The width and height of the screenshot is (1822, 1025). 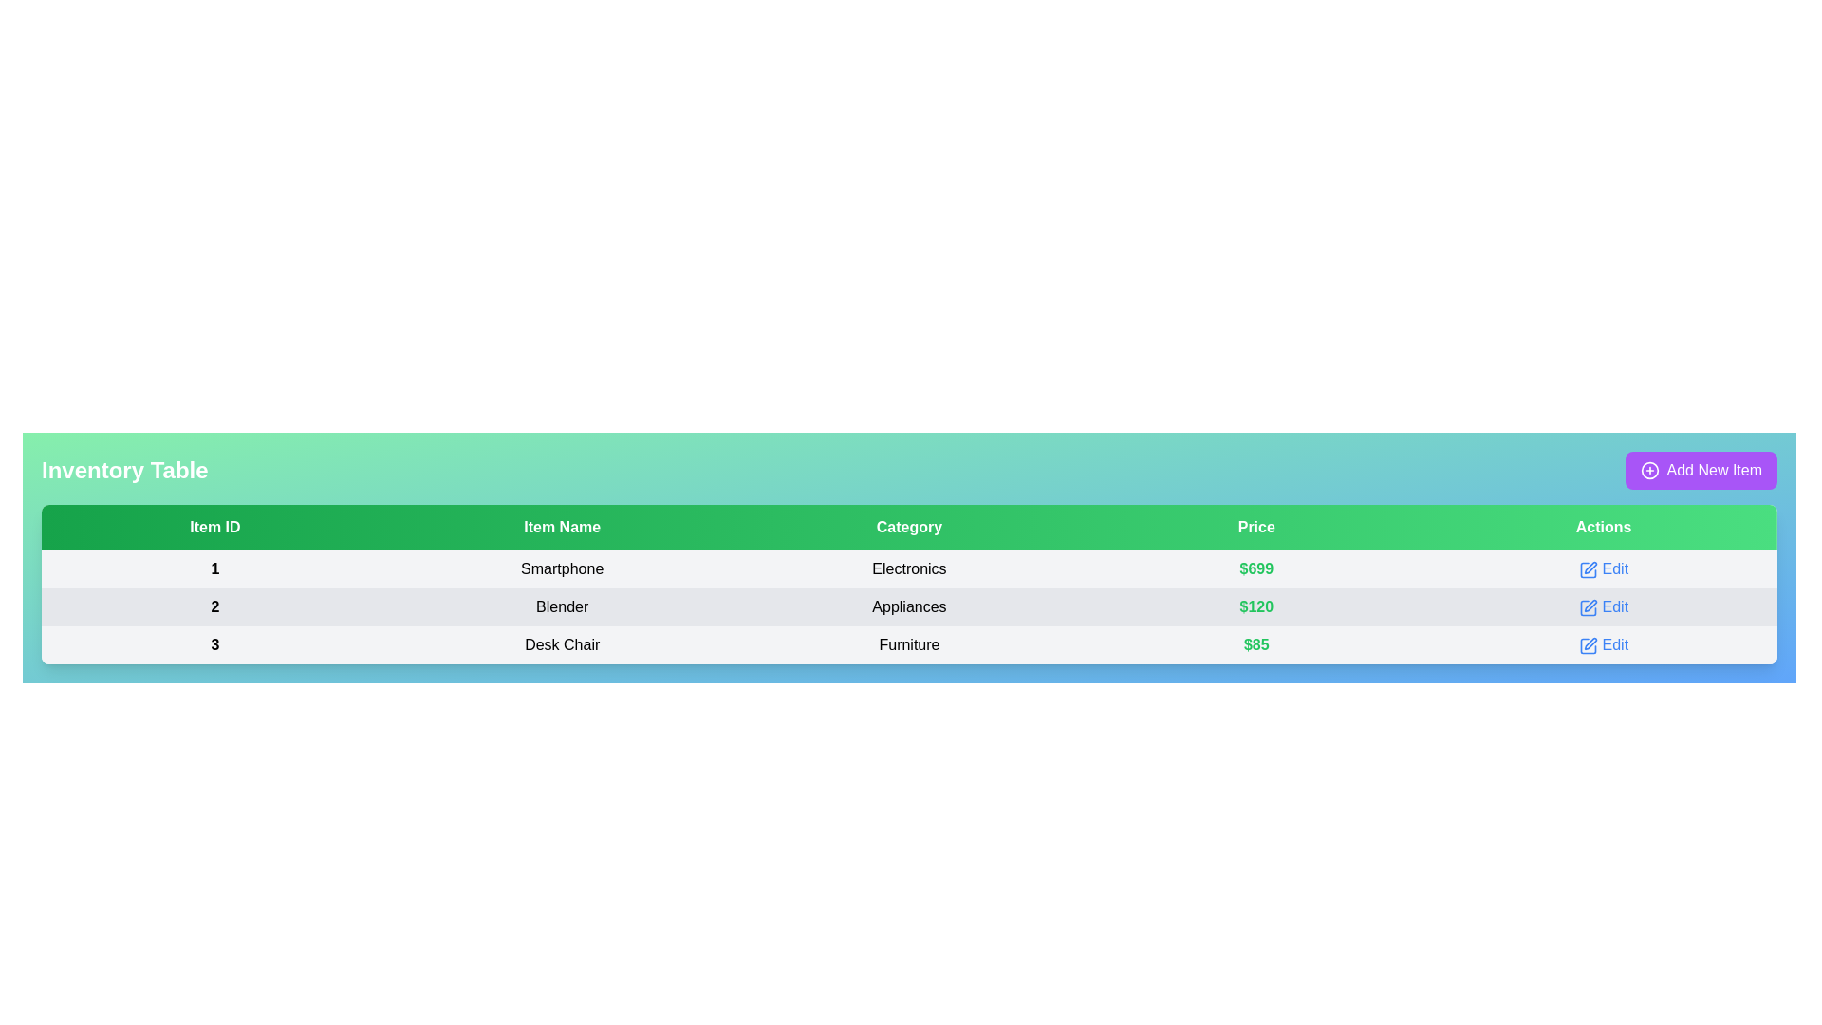 I want to click on text content of the 'Inventory Table' label, which is displayed at the top-left corner of the interface, so click(x=123, y=470).